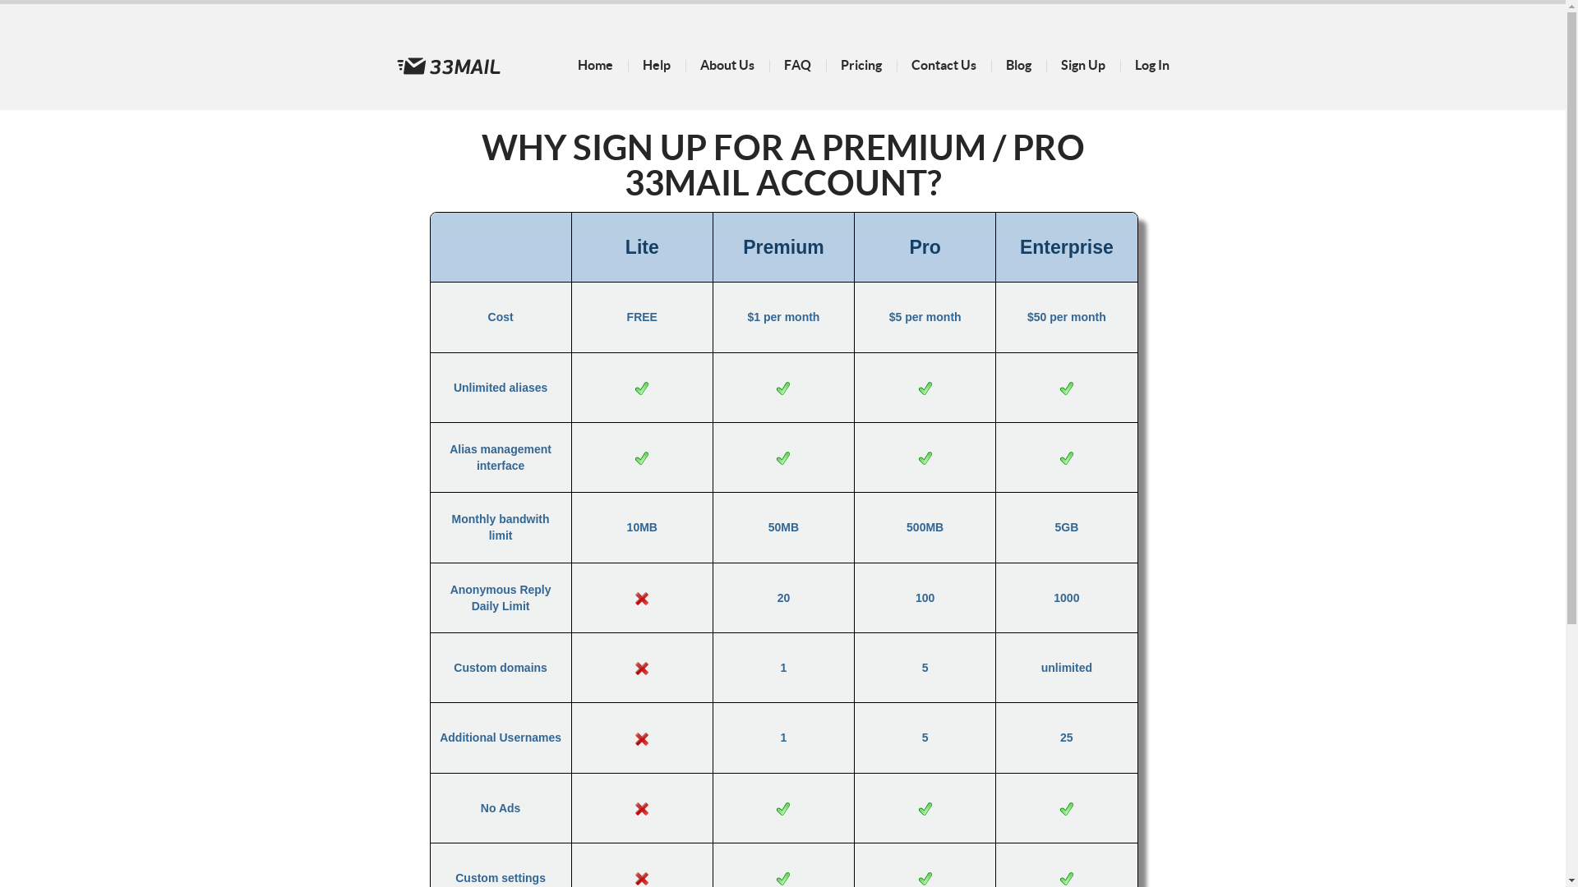  What do you see at coordinates (943, 63) in the screenshot?
I see `'Contact Us'` at bounding box center [943, 63].